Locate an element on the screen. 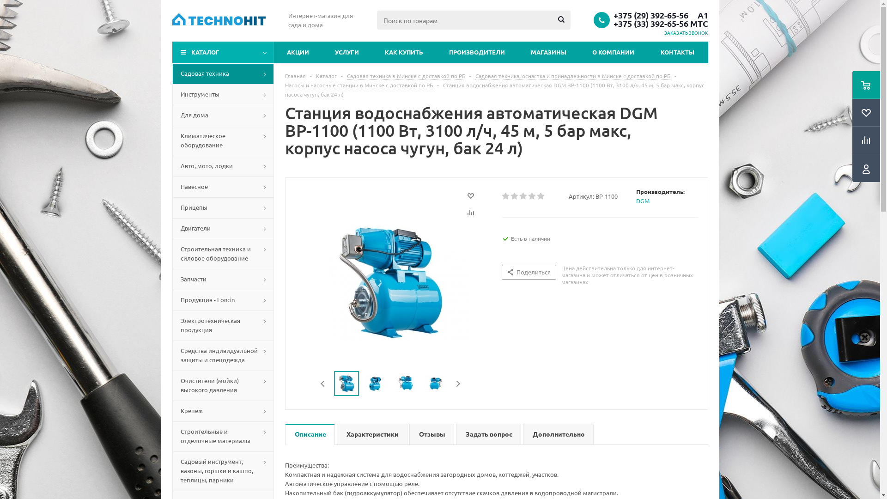 Image resolution: width=887 pixels, height=499 pixels. '2' is located at coordinates (510, 195).